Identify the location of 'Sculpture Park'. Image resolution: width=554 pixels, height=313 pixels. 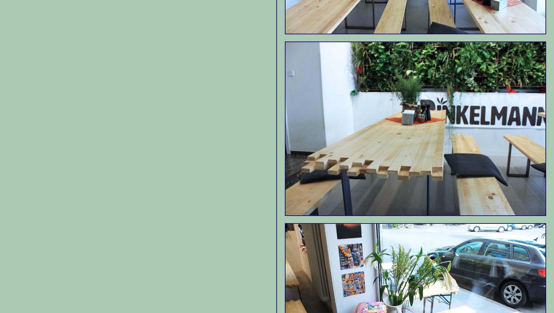
(303, 66).